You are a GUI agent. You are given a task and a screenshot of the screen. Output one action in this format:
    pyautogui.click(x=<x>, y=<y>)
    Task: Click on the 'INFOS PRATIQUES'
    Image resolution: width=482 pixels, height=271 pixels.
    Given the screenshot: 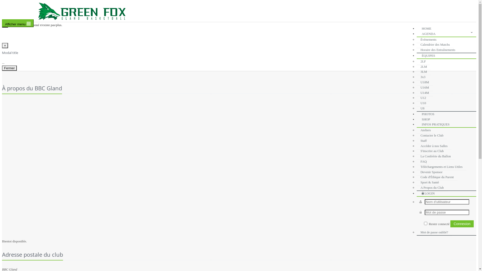 What is the action you would take?
    pyautogui.click(x=437, y=124)
    